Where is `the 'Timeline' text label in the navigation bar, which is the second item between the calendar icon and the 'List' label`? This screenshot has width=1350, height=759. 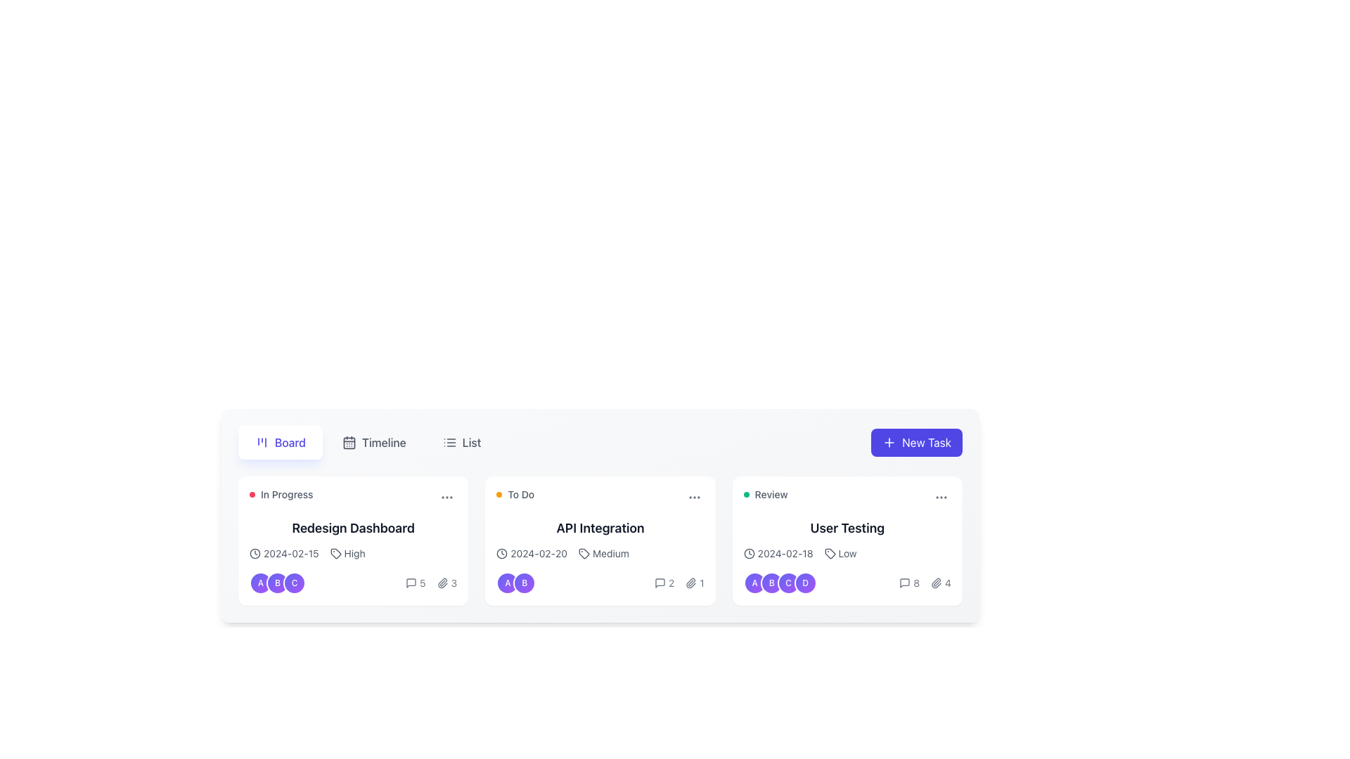
the 'Timeline' text label in the navigation bar, which is the second item between the calendar icon and the 'List' label is located at coordinates (384, 441).